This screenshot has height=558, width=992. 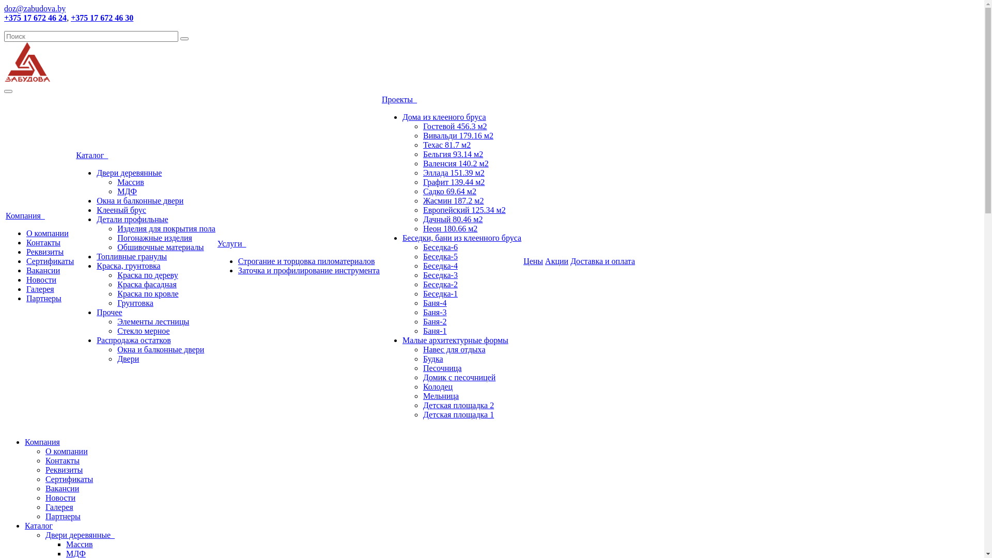 What do you see at coordinates (35, 8) in the screenshot?
I see `'doz@zabudova.by'` at bounding box center [35, 8].